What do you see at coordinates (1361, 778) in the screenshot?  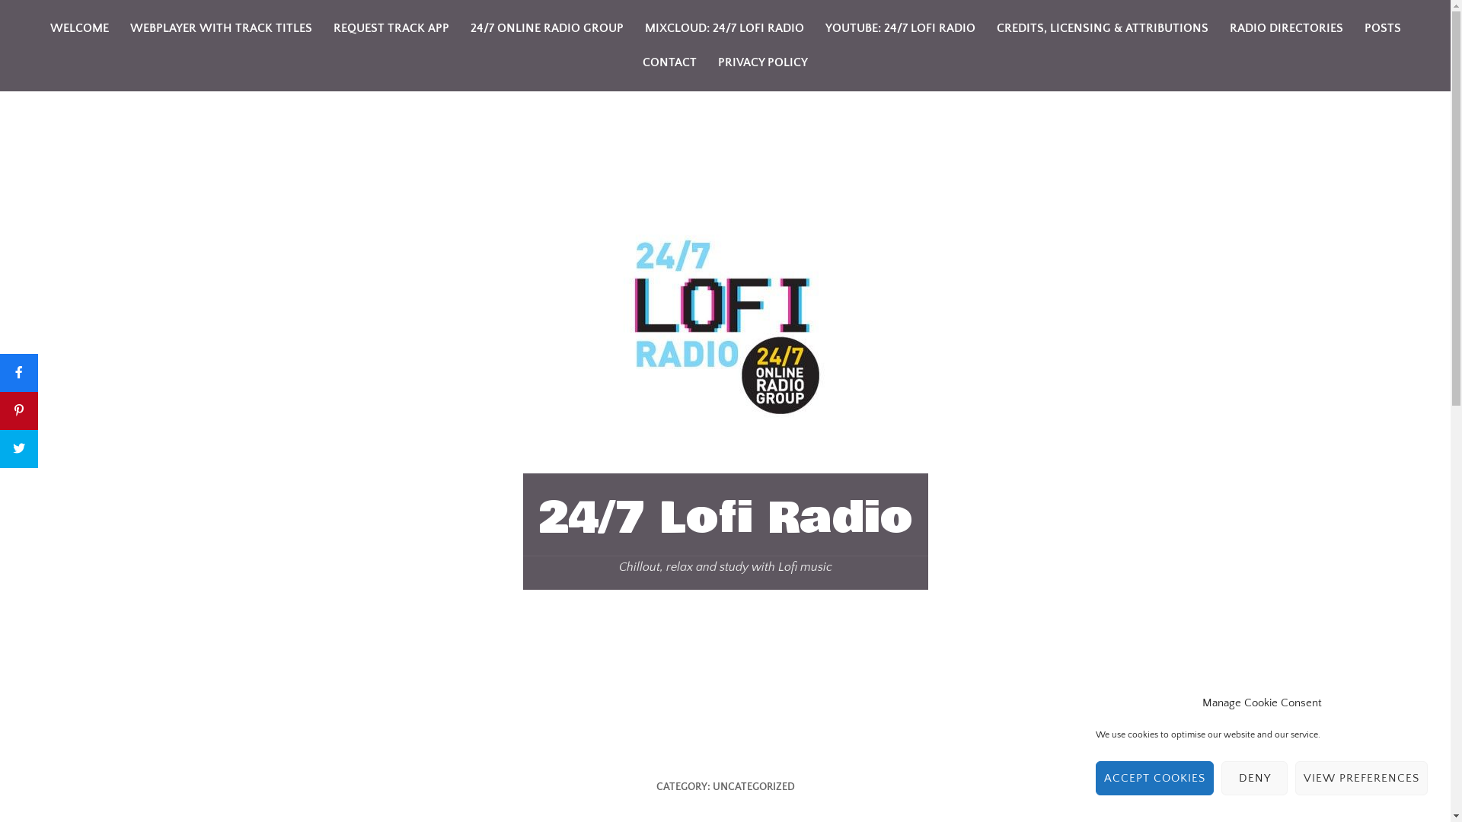 I see `'VIEW PREFERENCES'` at bounding box center [1361, 778].